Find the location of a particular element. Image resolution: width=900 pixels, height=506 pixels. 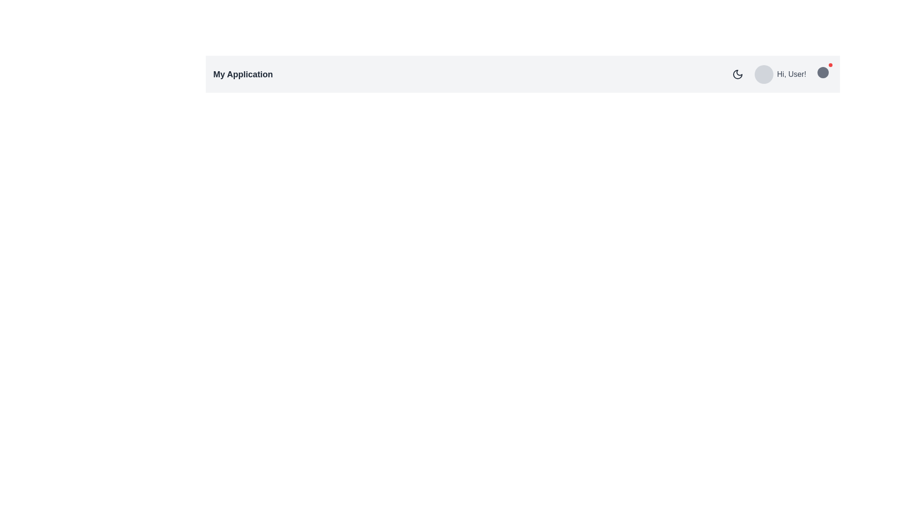

the Circular Indicator or Decorative Element located at the top-right side of the interface, adjacent to the user avatar and greeting text is located at coordinates (823, 72).